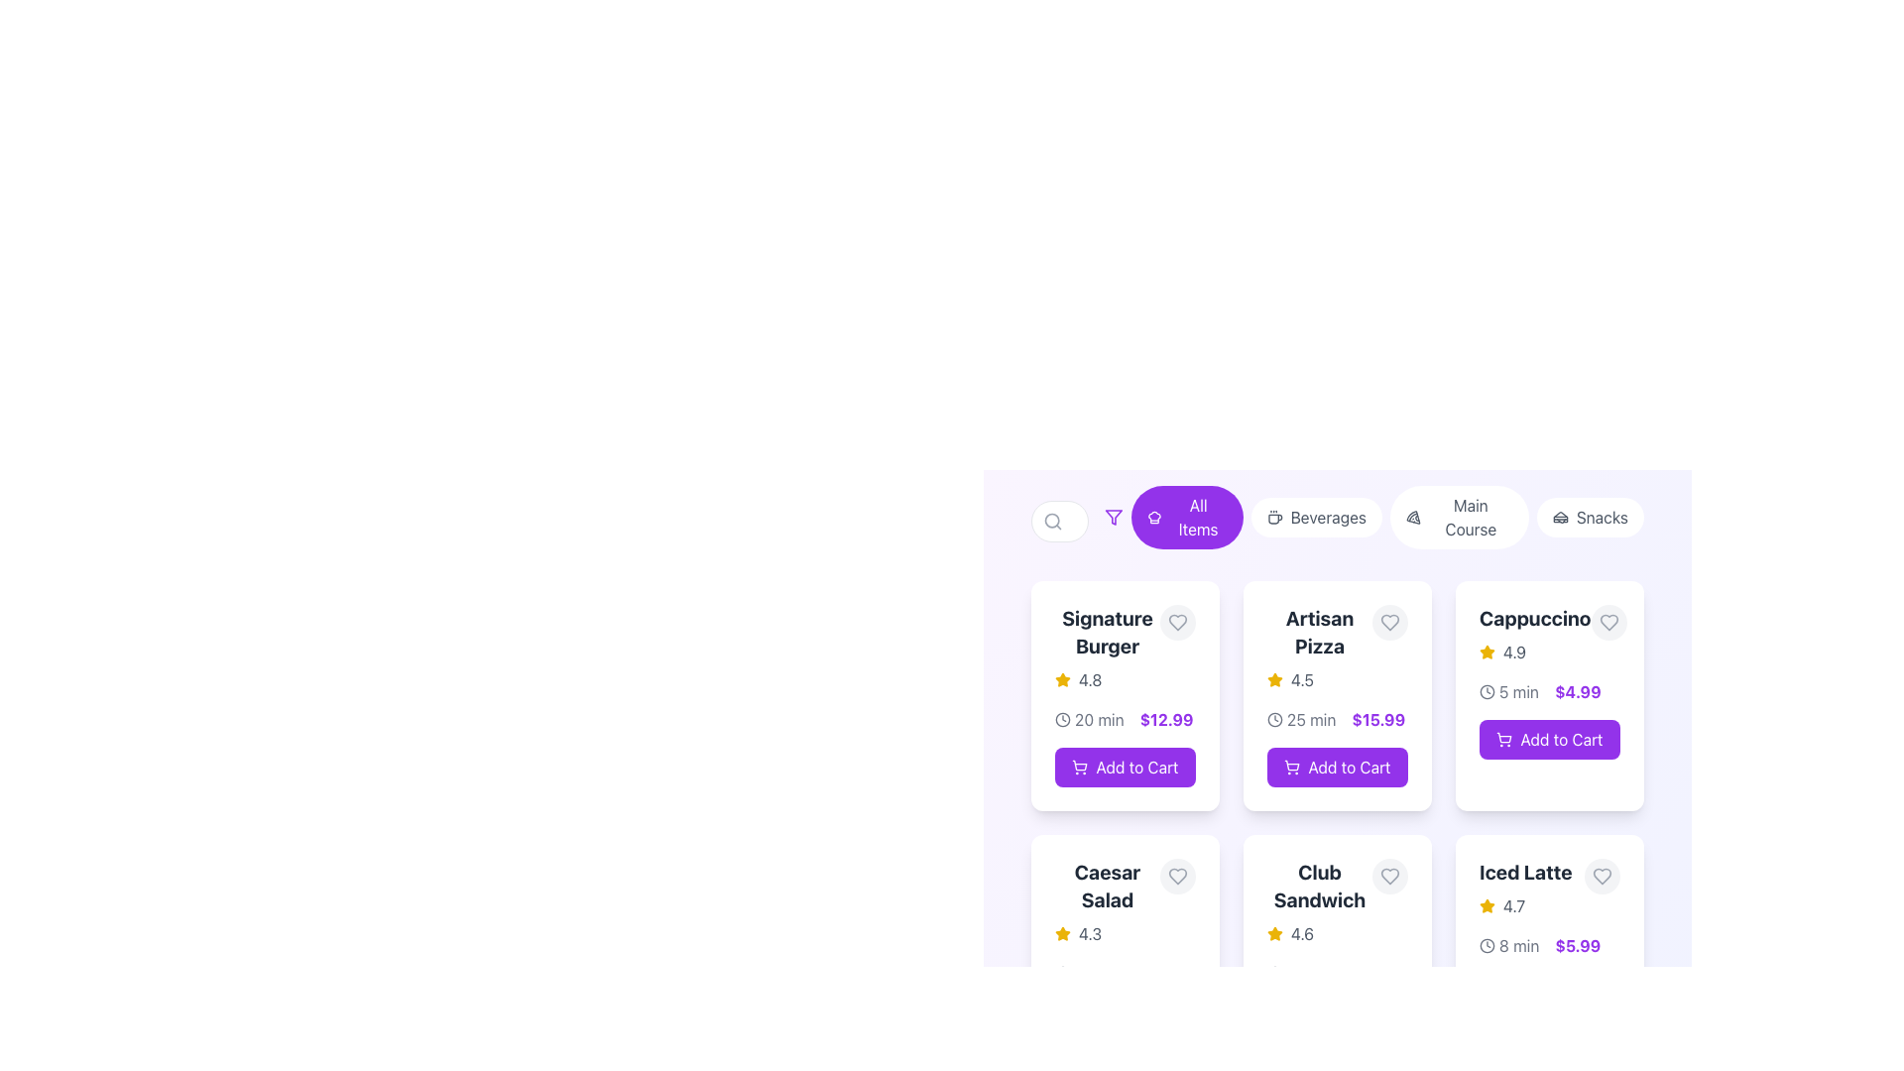 The image size is (1904, 1071). I want to click on the heart icon in the top-right corner of the 'Artisan Pizza' card to mark or unmark the item as a favorite, so click(1388, 622).